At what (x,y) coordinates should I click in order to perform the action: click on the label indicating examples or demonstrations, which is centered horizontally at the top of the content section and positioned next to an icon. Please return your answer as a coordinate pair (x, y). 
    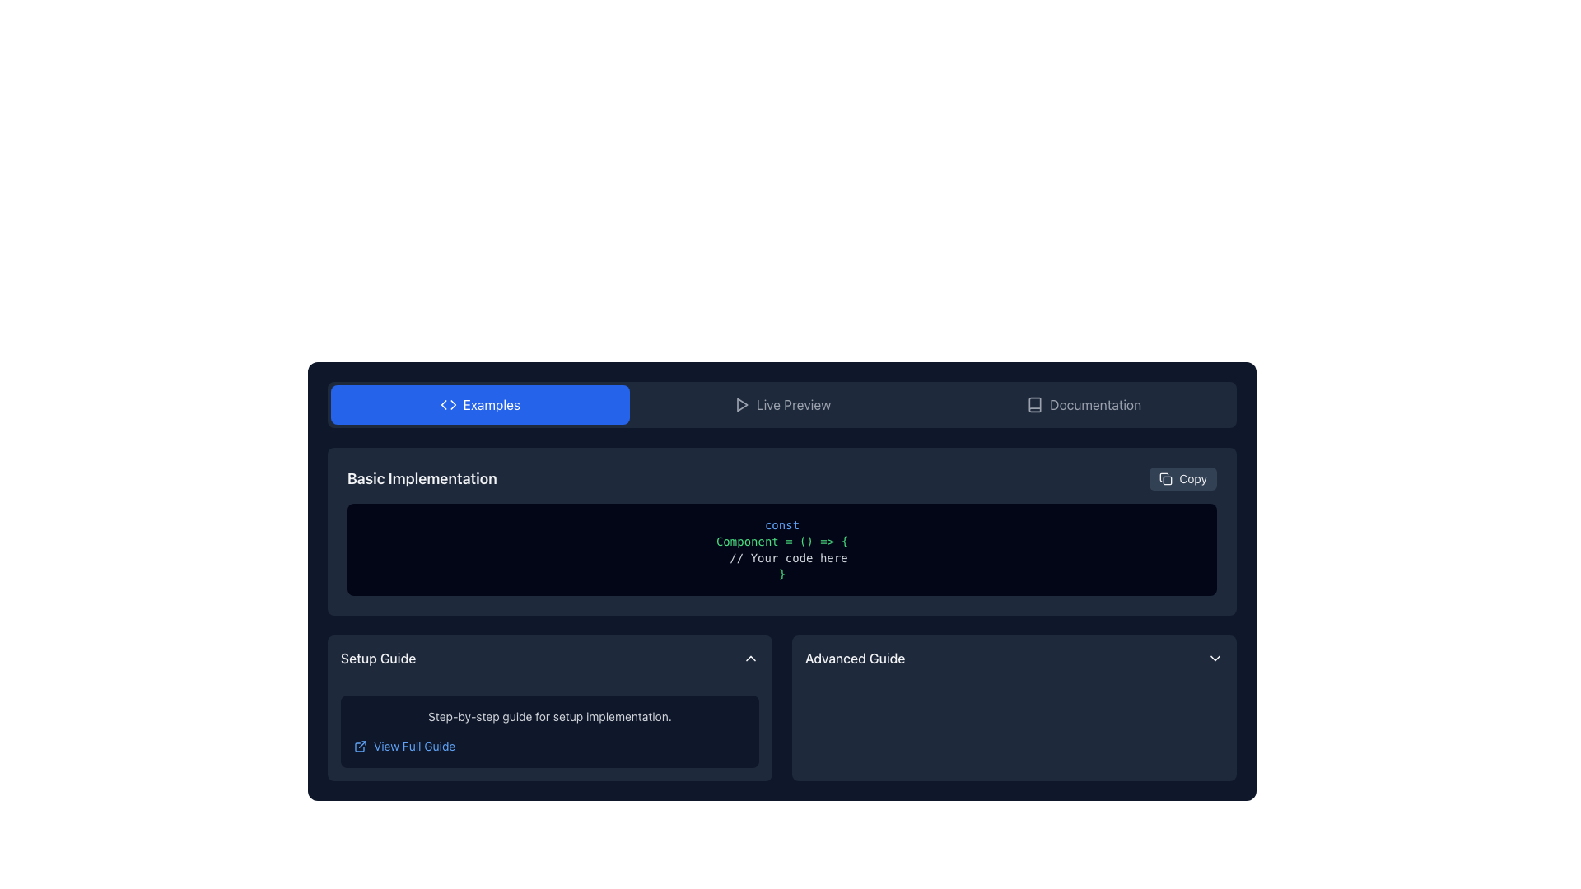
    Looking at the image, I should click on (491, 405).